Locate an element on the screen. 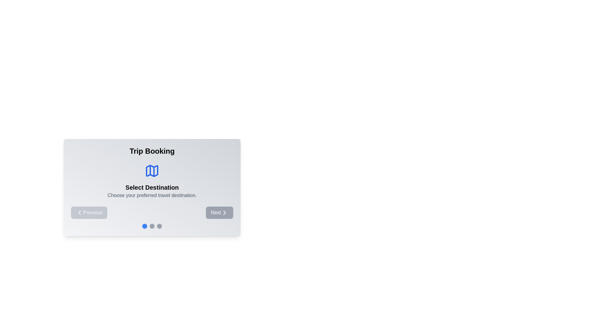 Image resolution: width=590 pixels, height=332 pixels. the blue-colored map icon, which is styled with rounded edges and is centrally positioned above the 'Select Destination' text and below the 'Trip Booking' text is located at coordinates (152, 171).